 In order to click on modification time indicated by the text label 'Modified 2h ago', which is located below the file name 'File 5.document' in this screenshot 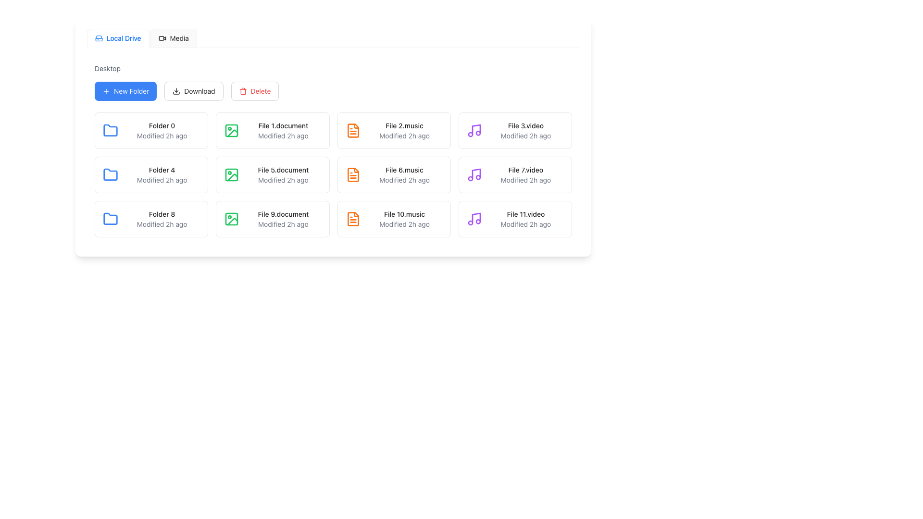, I will do `click(283, 180)`.